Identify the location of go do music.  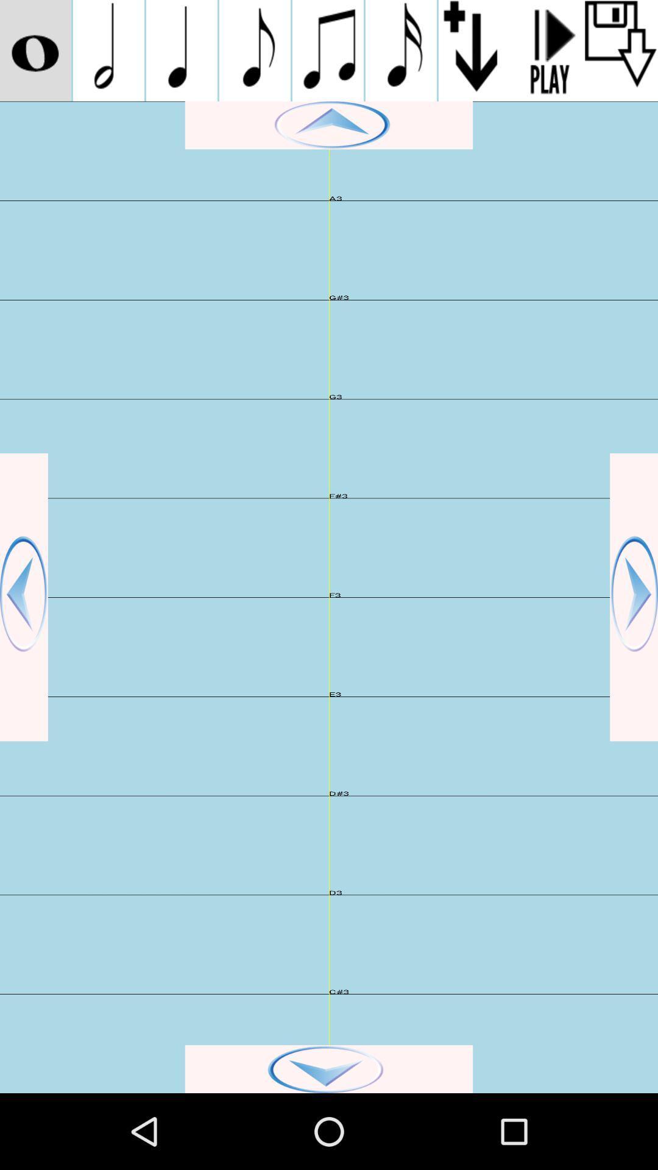
(254, 50).